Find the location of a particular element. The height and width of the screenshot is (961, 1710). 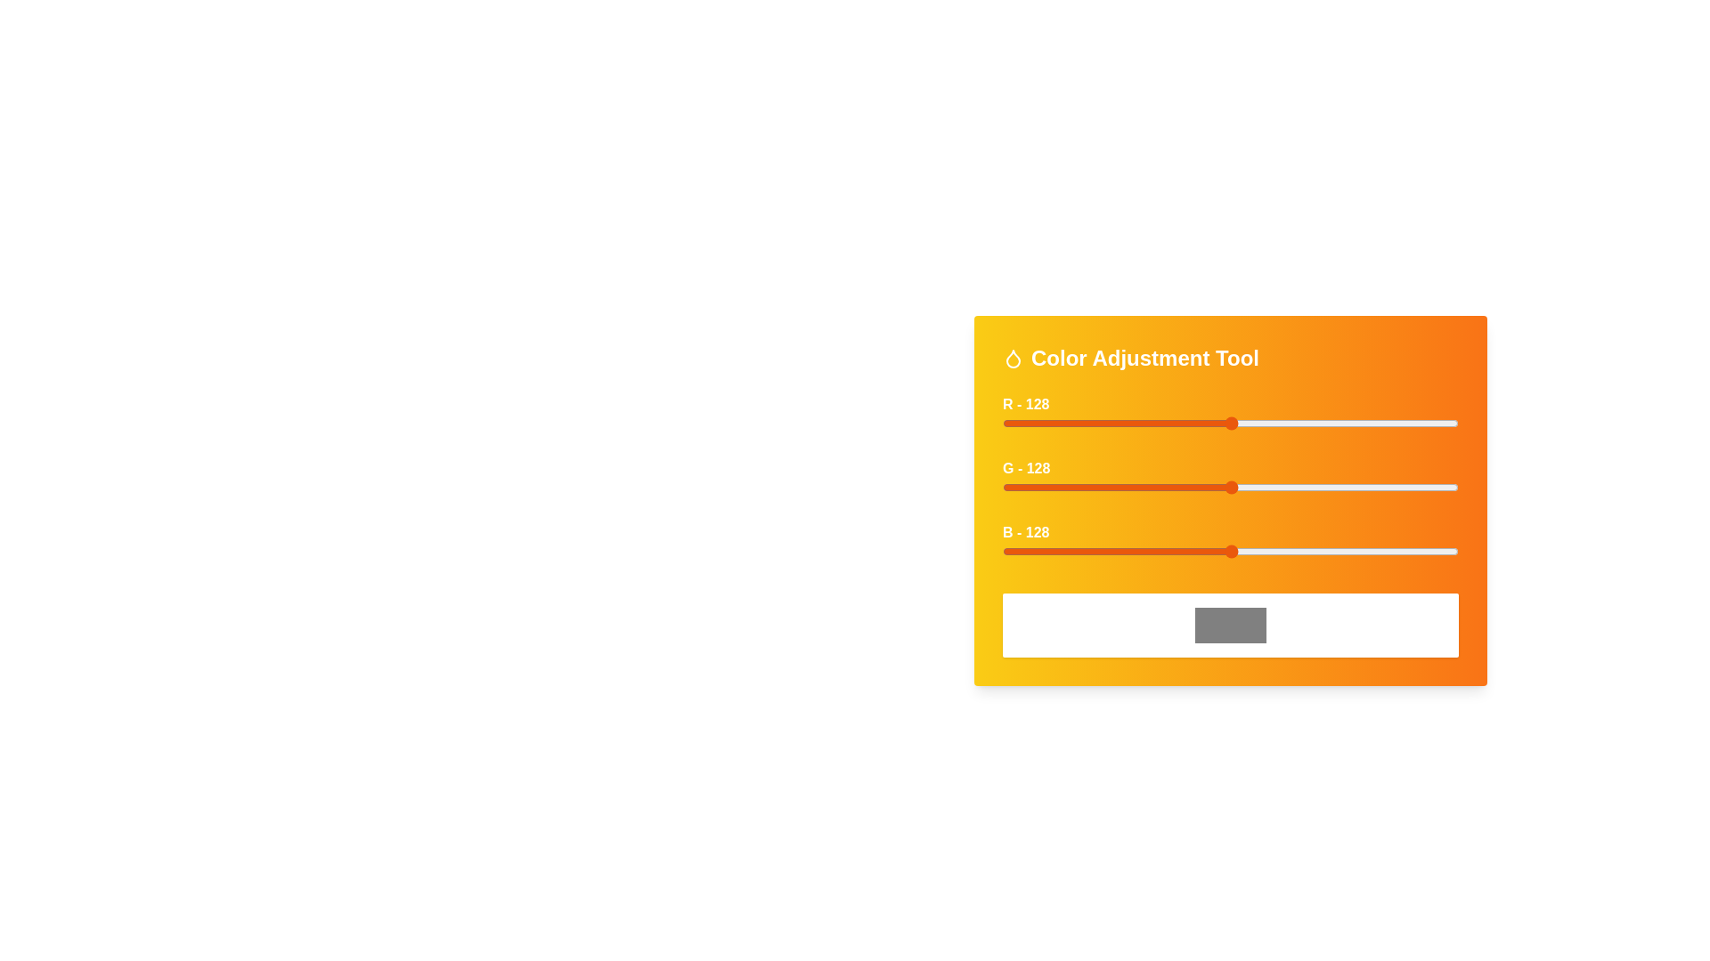

the blue slider to set the blue intensity to 95 is located at coordinates (1172, 551).